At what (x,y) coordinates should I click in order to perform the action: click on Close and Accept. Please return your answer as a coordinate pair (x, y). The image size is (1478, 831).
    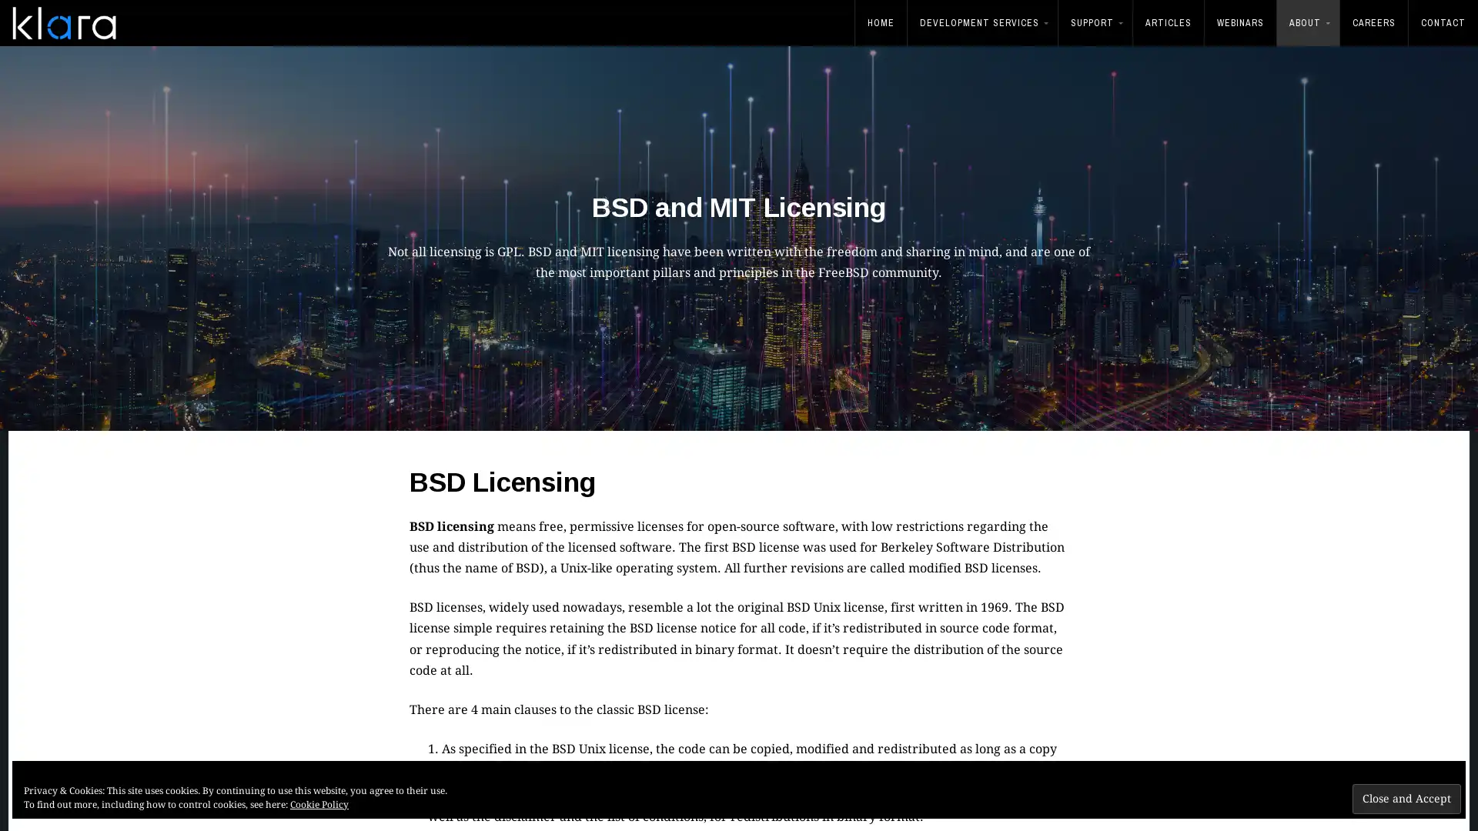
    Looking at the image, I should click on (1406, 798).